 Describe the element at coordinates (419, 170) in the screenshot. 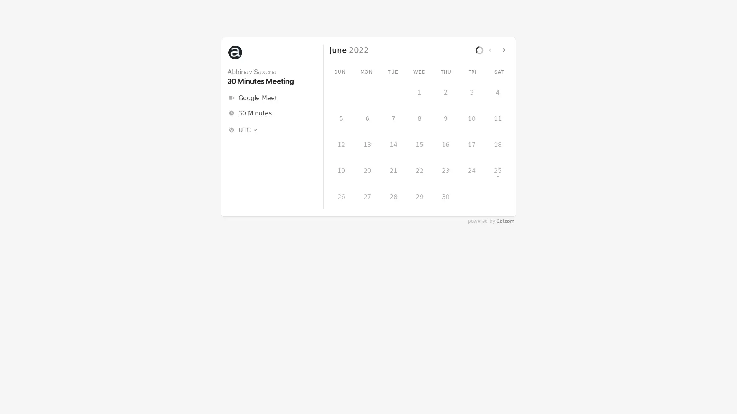

I see `22` at that location.